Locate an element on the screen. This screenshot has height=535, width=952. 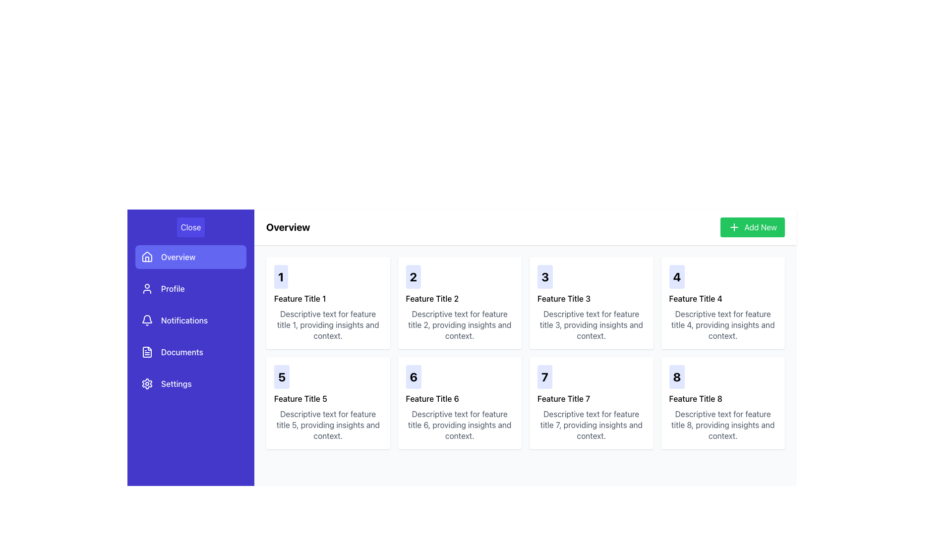
the 'Documents' text label in the sidebar navigation, which identifies the 'Documents' menu item located between 'Notifications' and 'Settings' is located at coordinates (182, 351).